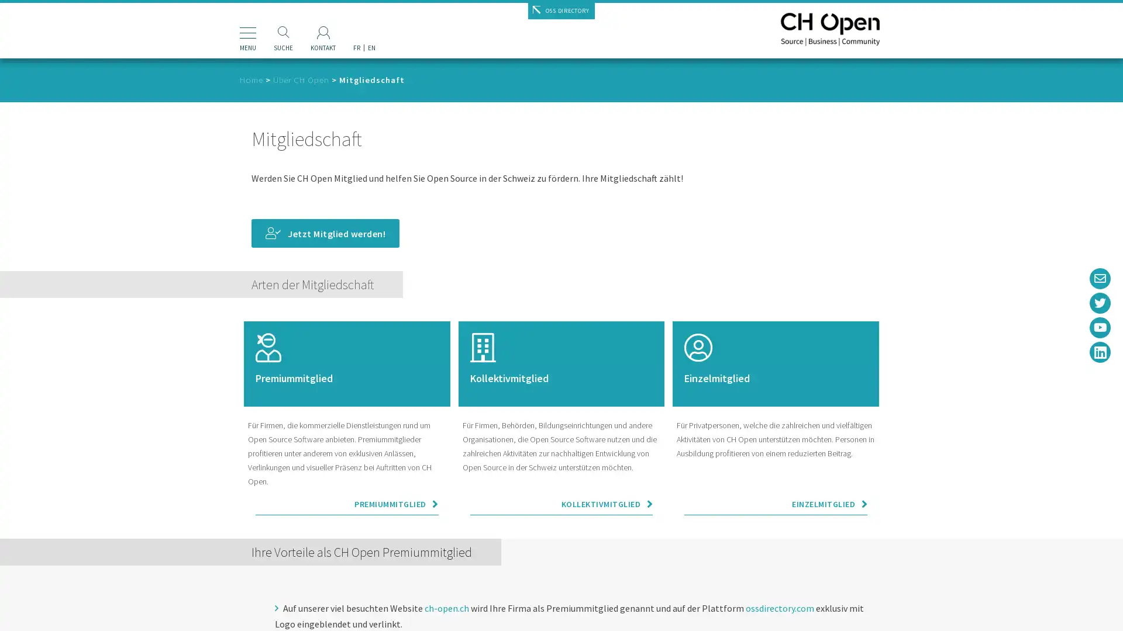 The height and width of the screenshot is (631, 1123). Describe the element at coordinates (346, 506) in the screenshot. I see `PREMIUMMITGLIED` at that location.